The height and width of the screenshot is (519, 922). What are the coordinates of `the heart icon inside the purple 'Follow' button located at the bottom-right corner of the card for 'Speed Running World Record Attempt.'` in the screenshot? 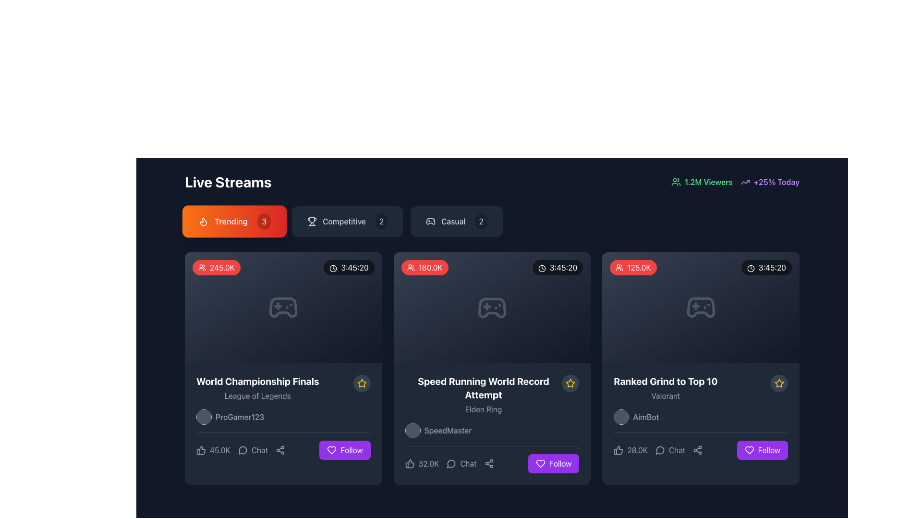 It's located at (540, 463).